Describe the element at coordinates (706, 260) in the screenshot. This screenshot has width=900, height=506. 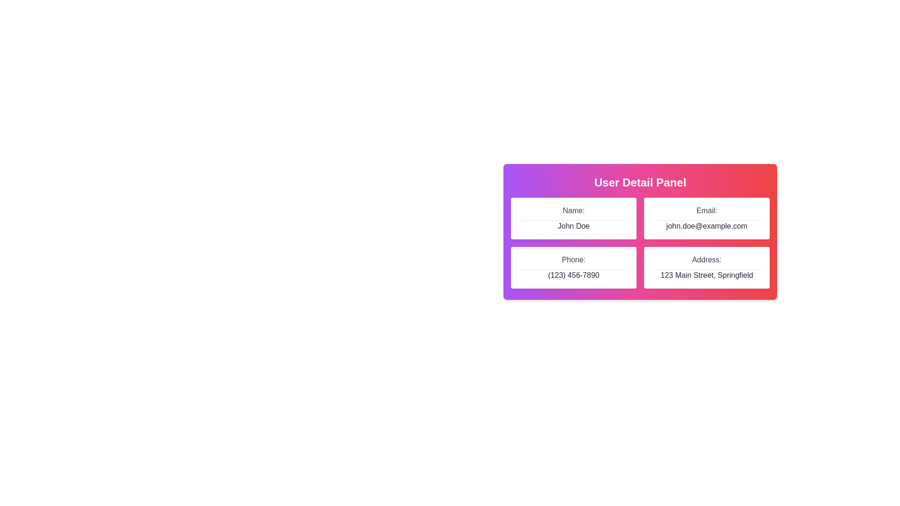
I see `the text label displaying 'Address:' which is styled in a medium-weight gray font and positioned above '123 Main Street, Springfield'` at that location.